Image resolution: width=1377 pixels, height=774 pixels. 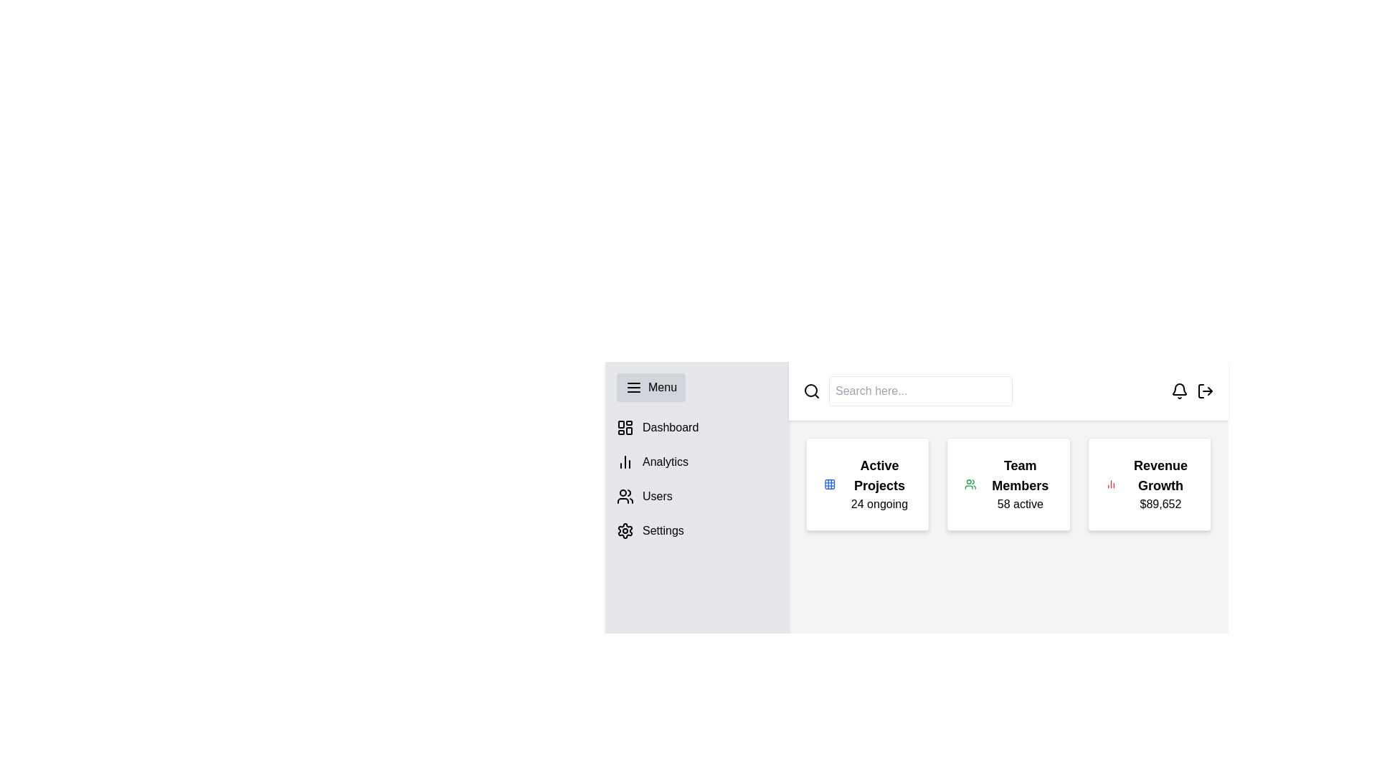 What do you see at coordinates (812, 391) in the screenshot?
I see `the search icon located at the left end of the horizontal bar, which is immediately to the left of the 'Search here...' input field` at bounding box center [812, 391].